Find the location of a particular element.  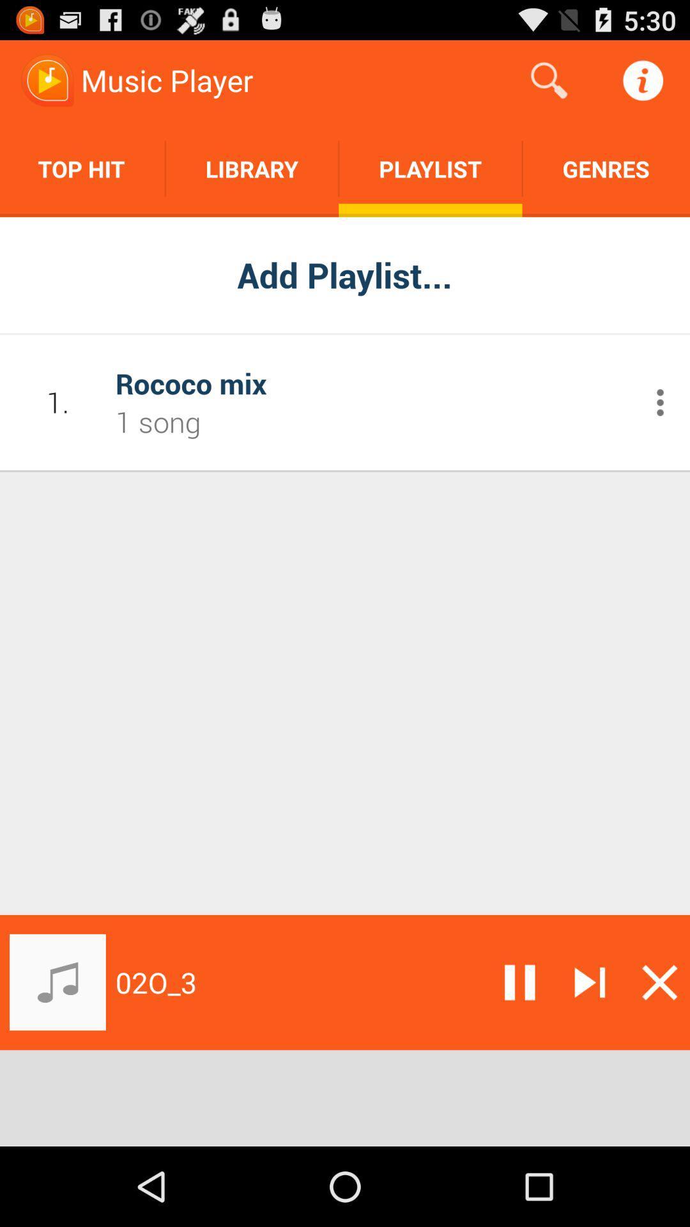

pause music is located at coordinates (519, 982).